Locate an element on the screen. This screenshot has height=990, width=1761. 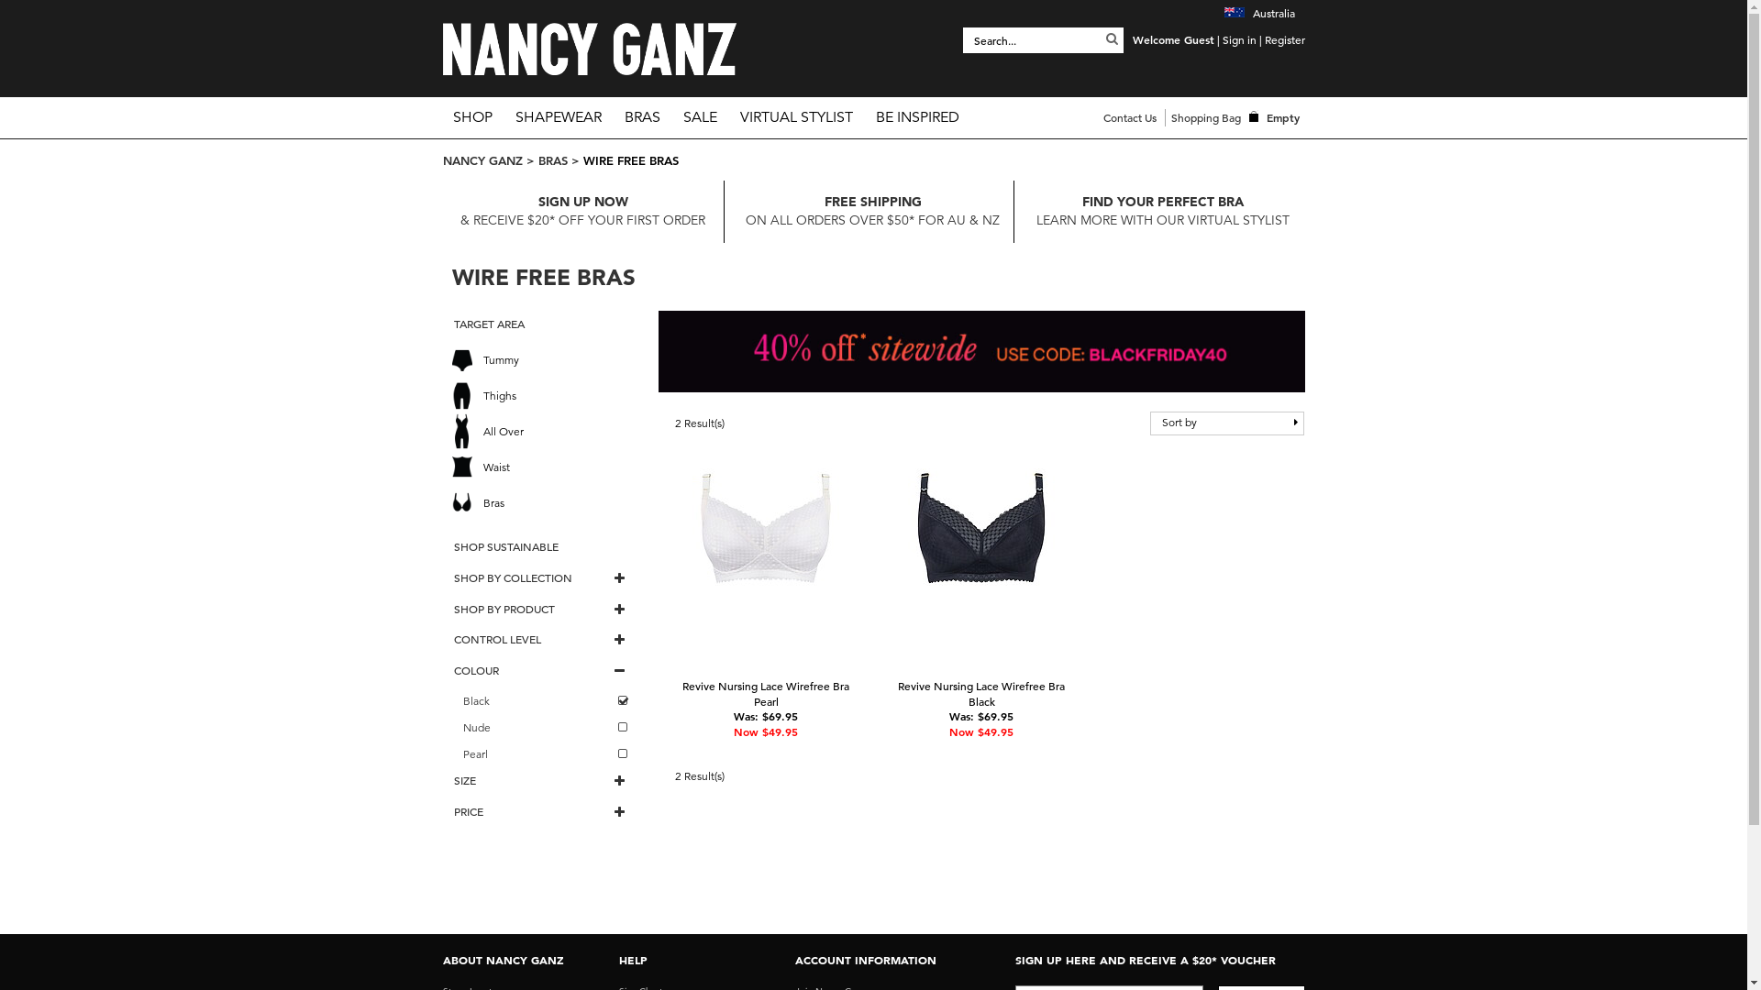
'BRAS' is located at coordinates (550, 159).